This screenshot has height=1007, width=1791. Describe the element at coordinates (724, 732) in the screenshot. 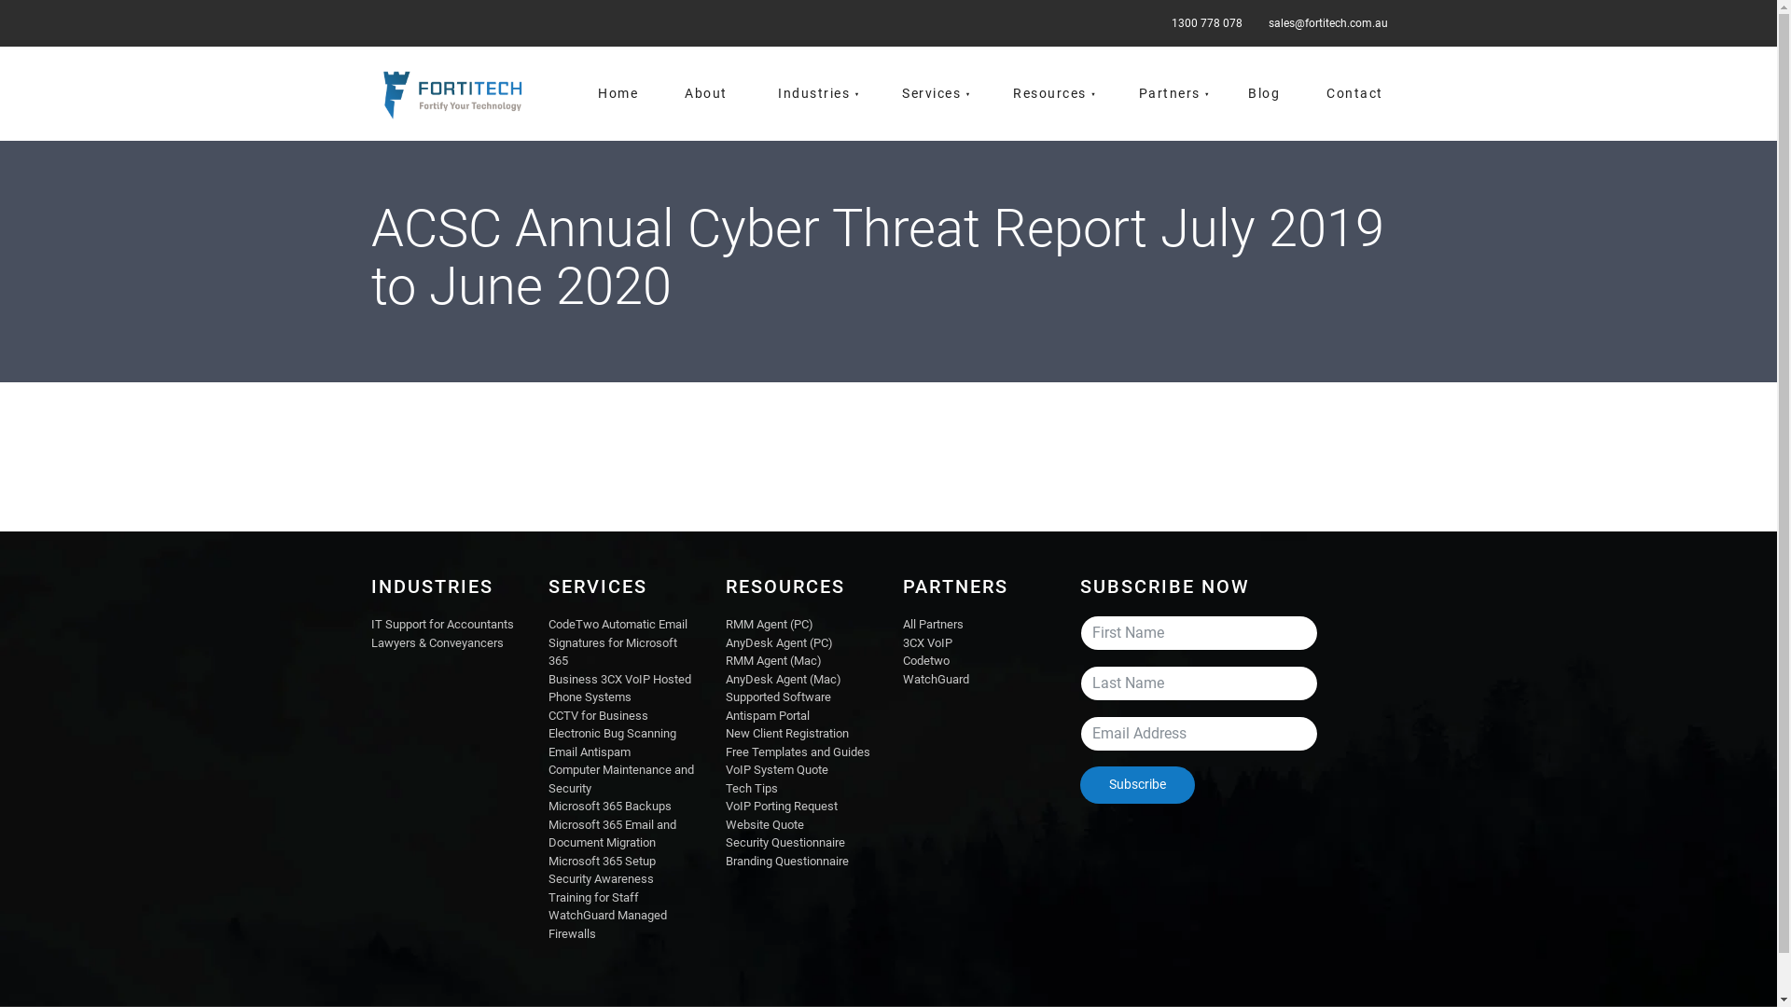

I see `'New Client Registration'` at that location.